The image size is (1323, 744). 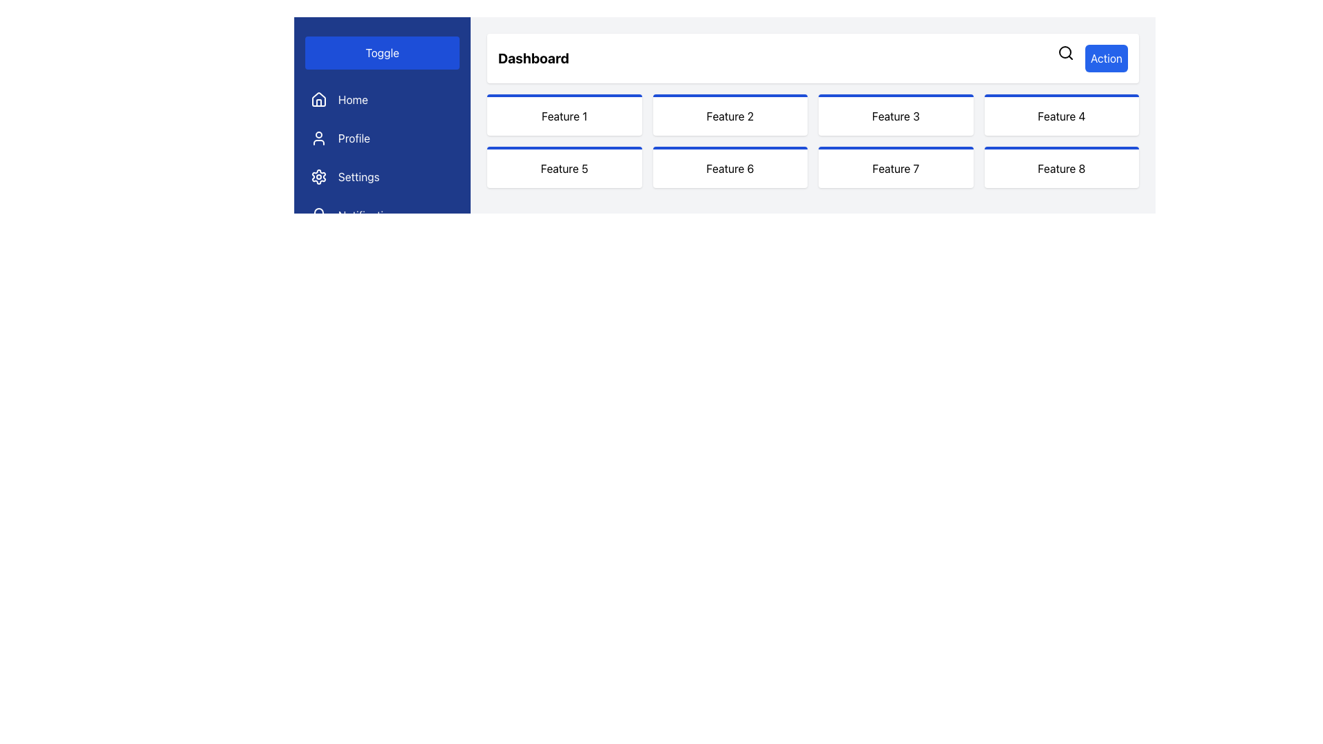 What do you see at coordinates (318, 138) in the screenshot?
I see `the profile icon located on the left sidebar, which is positioned beneath the 'Home' section and above the 'Settings' section` at bounding box center [318, 138].